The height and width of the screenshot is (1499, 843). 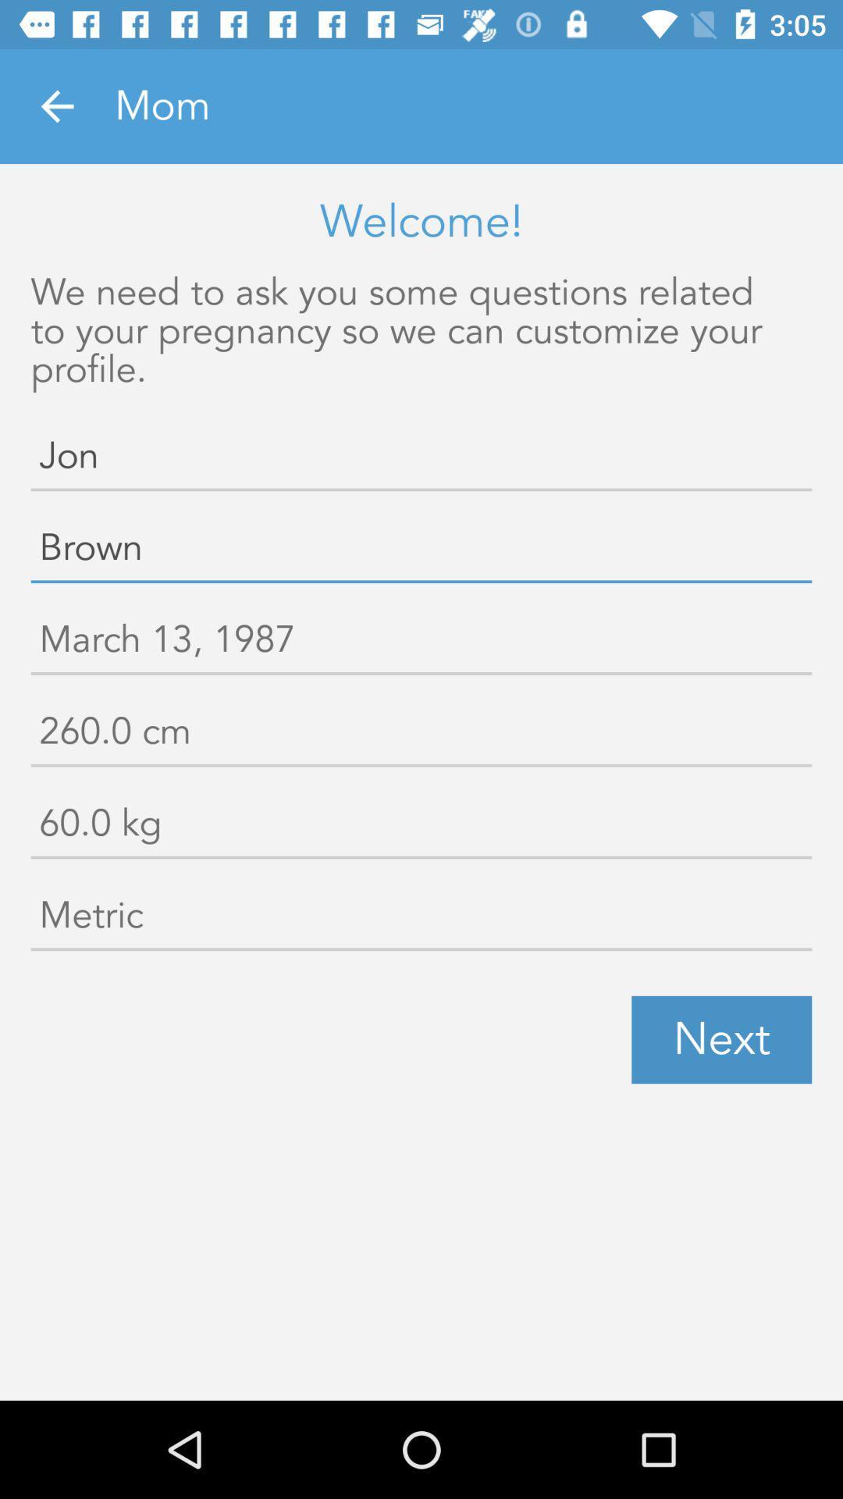 What do you see at coordinates (421, 643) in the screenshot?
I see `icon below brown` at bounding box center [421, 643].